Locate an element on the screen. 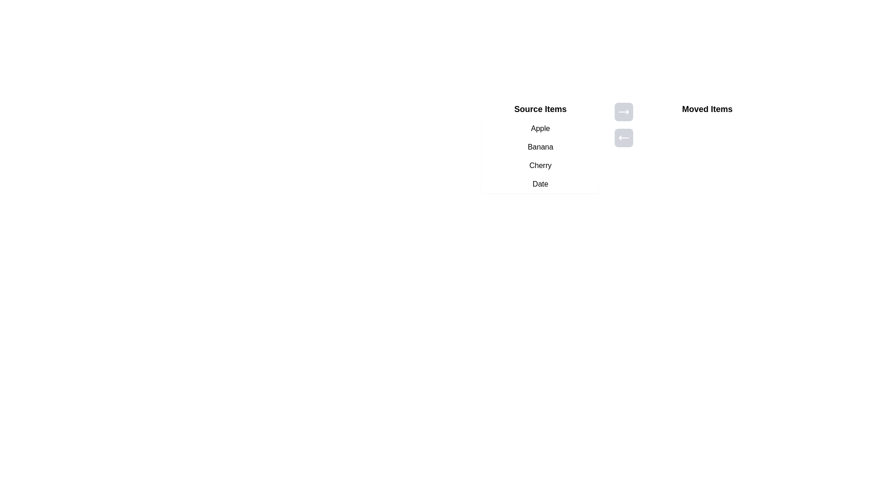  the light blue button with a white leftward arrow icon, the second button in a vertically stacked group is located at coordinates (623, 137).